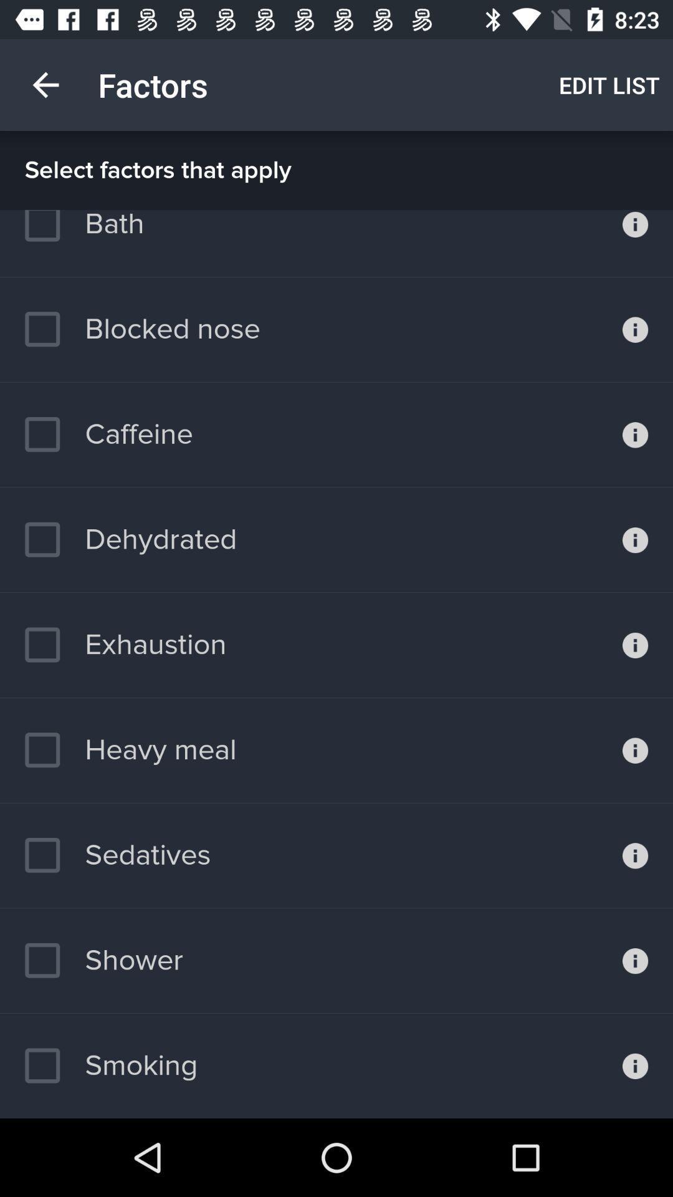 Image resolution: width=673 pixels, height=1197 pixels. Describe the element at coordinates (118, 855) in the screenshot. I see `the sedatives item` at that location.